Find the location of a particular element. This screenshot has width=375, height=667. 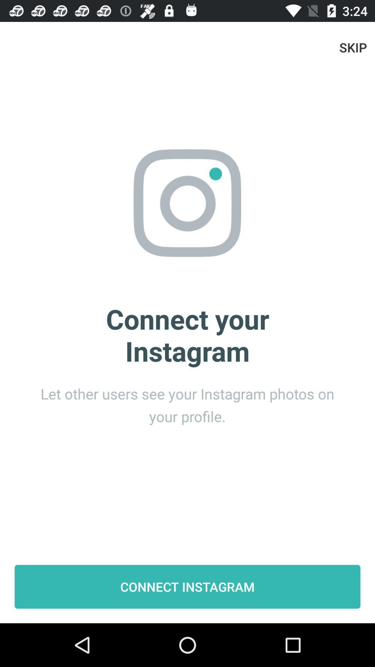

the skip at the top right corner is located at coordinates (353, 47).